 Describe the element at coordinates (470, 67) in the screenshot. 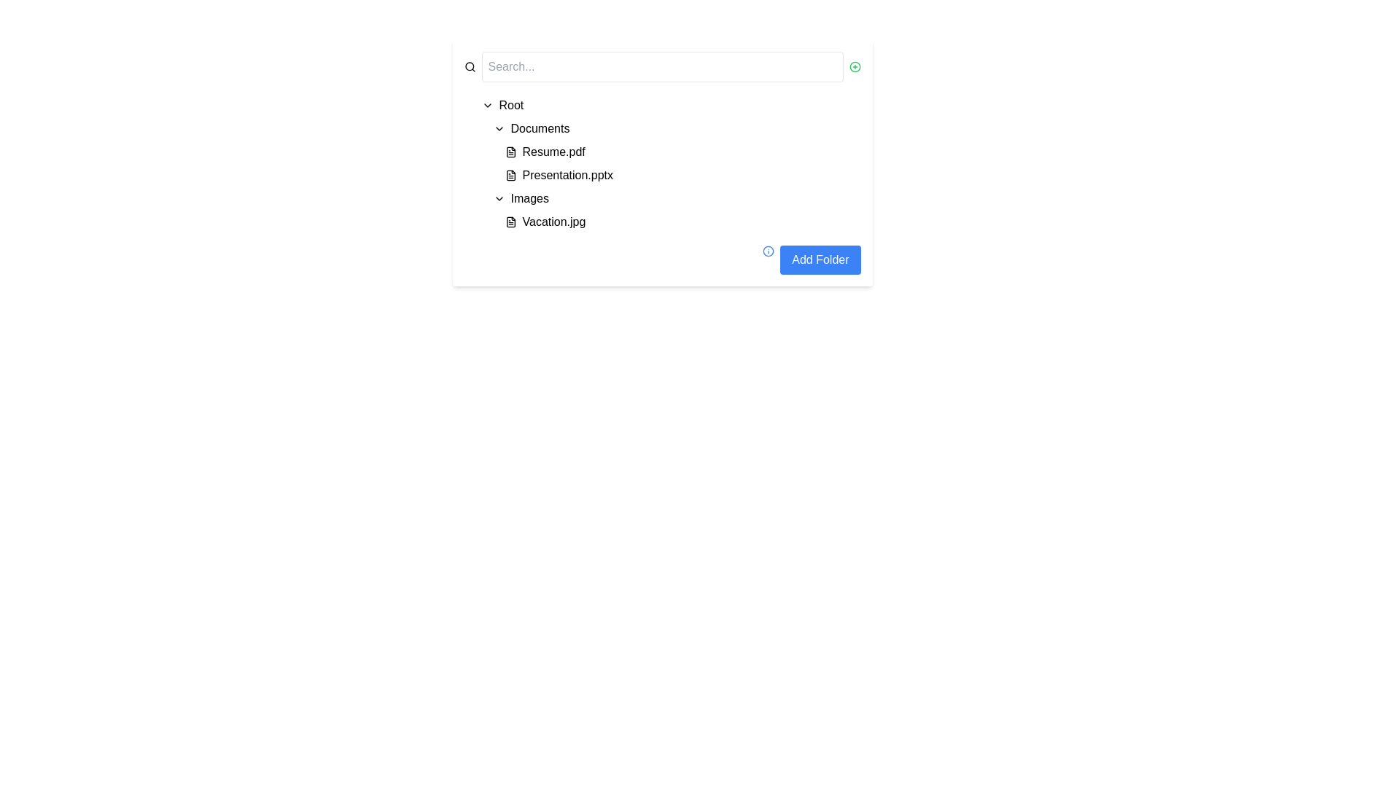

I see `the search icon located at the leftmost end of the horizontal grouping, which is adjacent to the search input field` at that location.